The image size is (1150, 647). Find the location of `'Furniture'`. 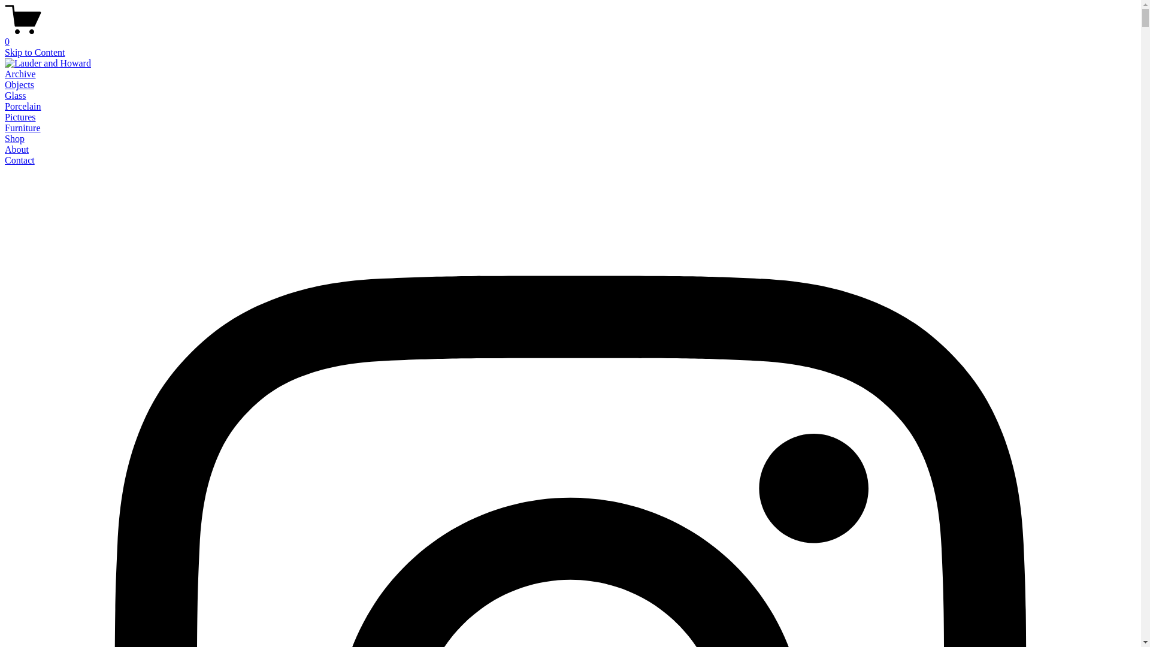

'Furniture' is located at coordinates (23, 128).